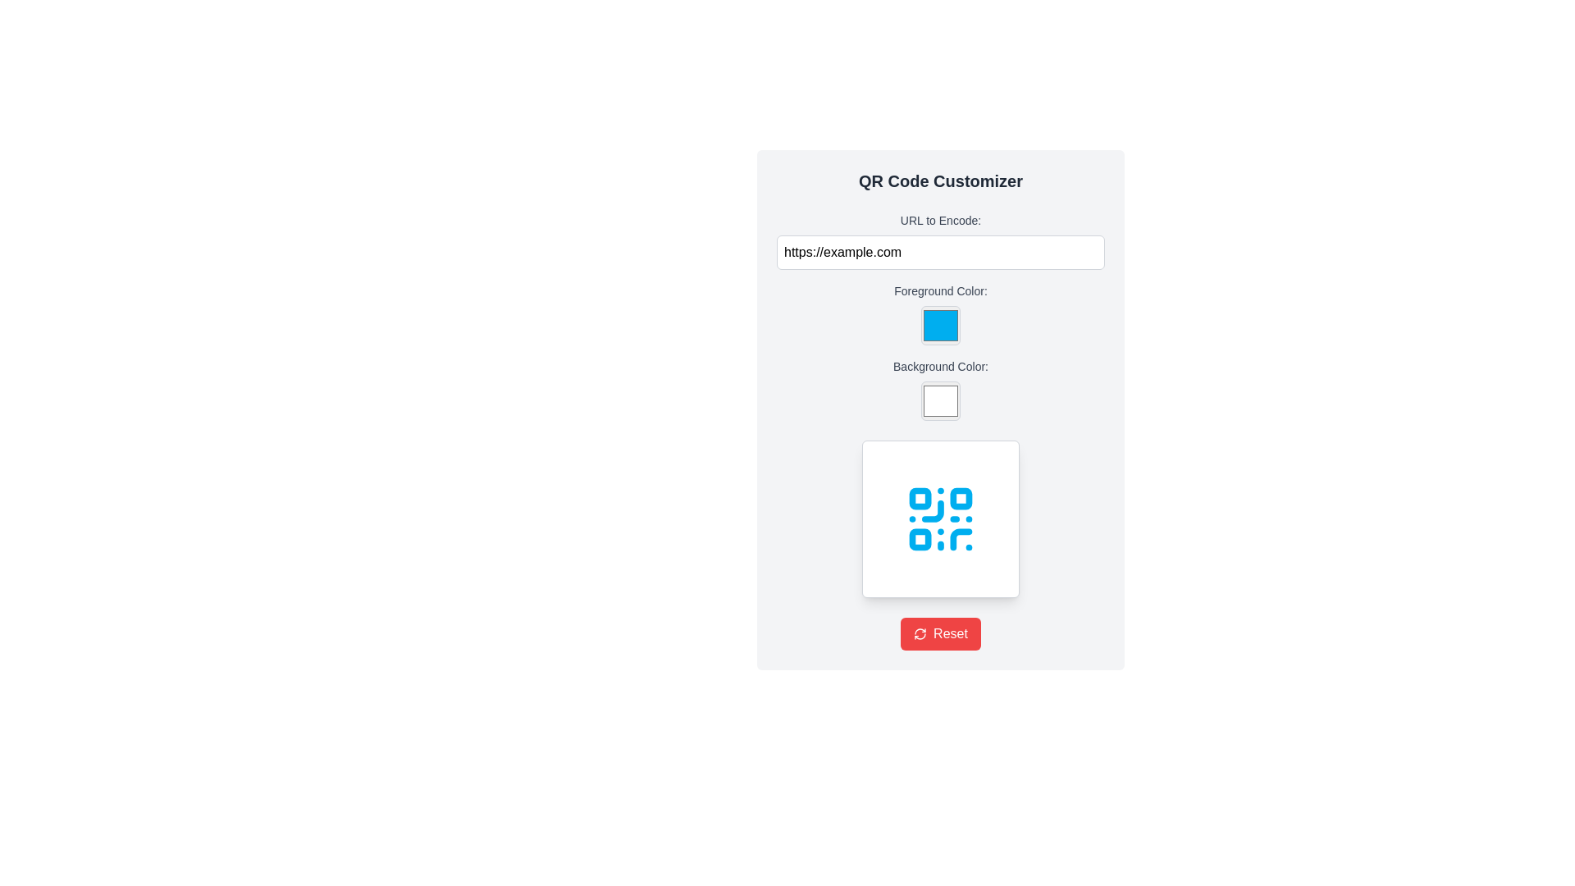  Describe the element at coordinates (941, 389) in the screenshot. I see `the Color Picker Input element located below the 'Background Color:' label for keyboard input` at that location.